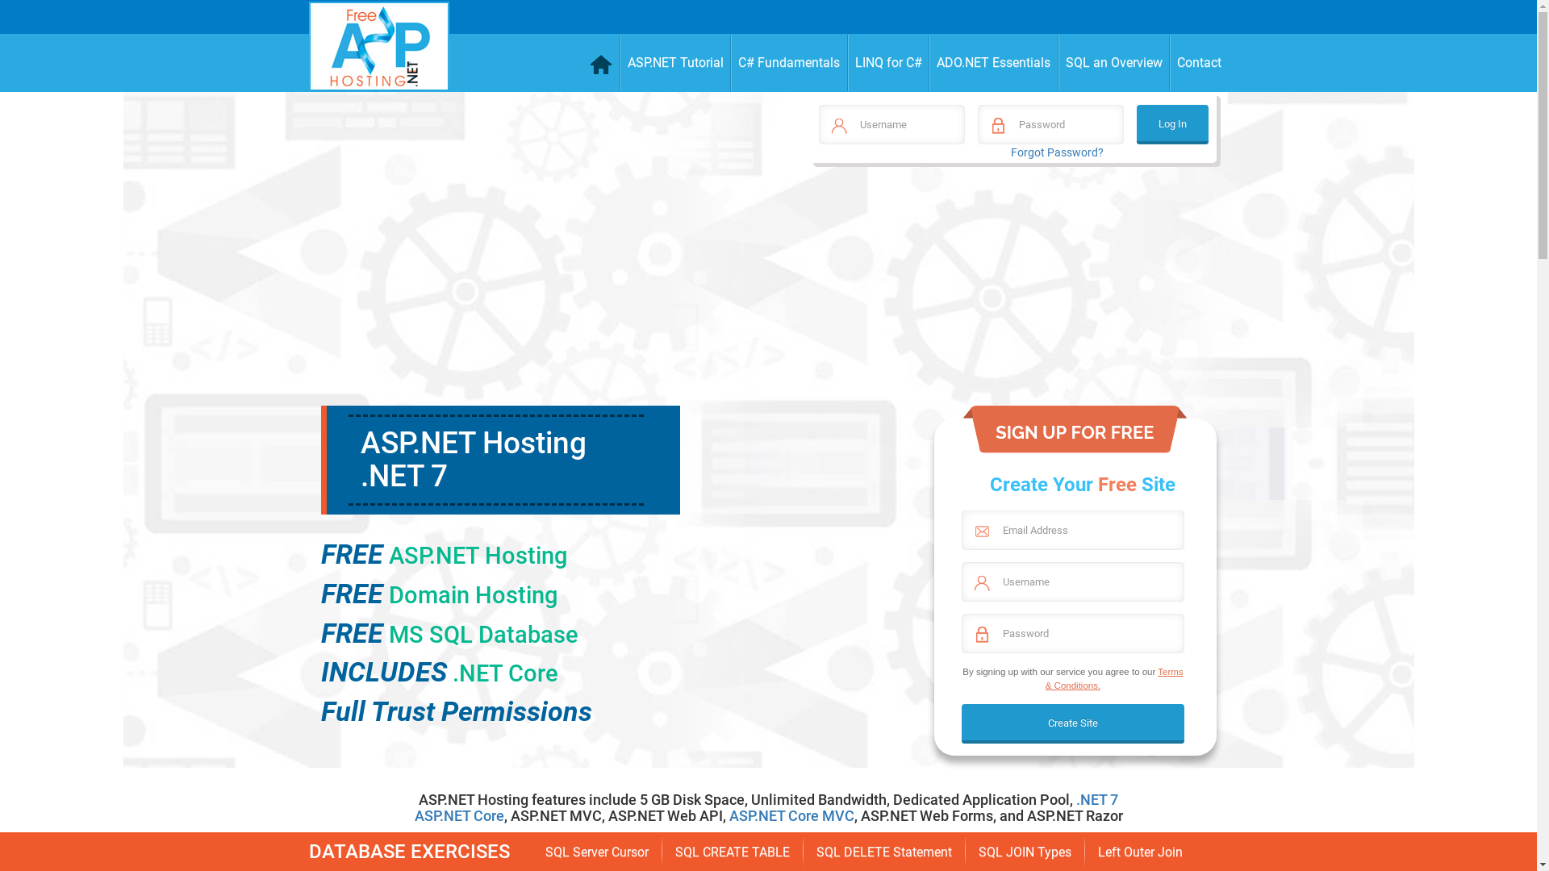 Image resolution: width=1549 pixels, height=871 pixels. I want to click on 'Create Site', so click(1073, 723).